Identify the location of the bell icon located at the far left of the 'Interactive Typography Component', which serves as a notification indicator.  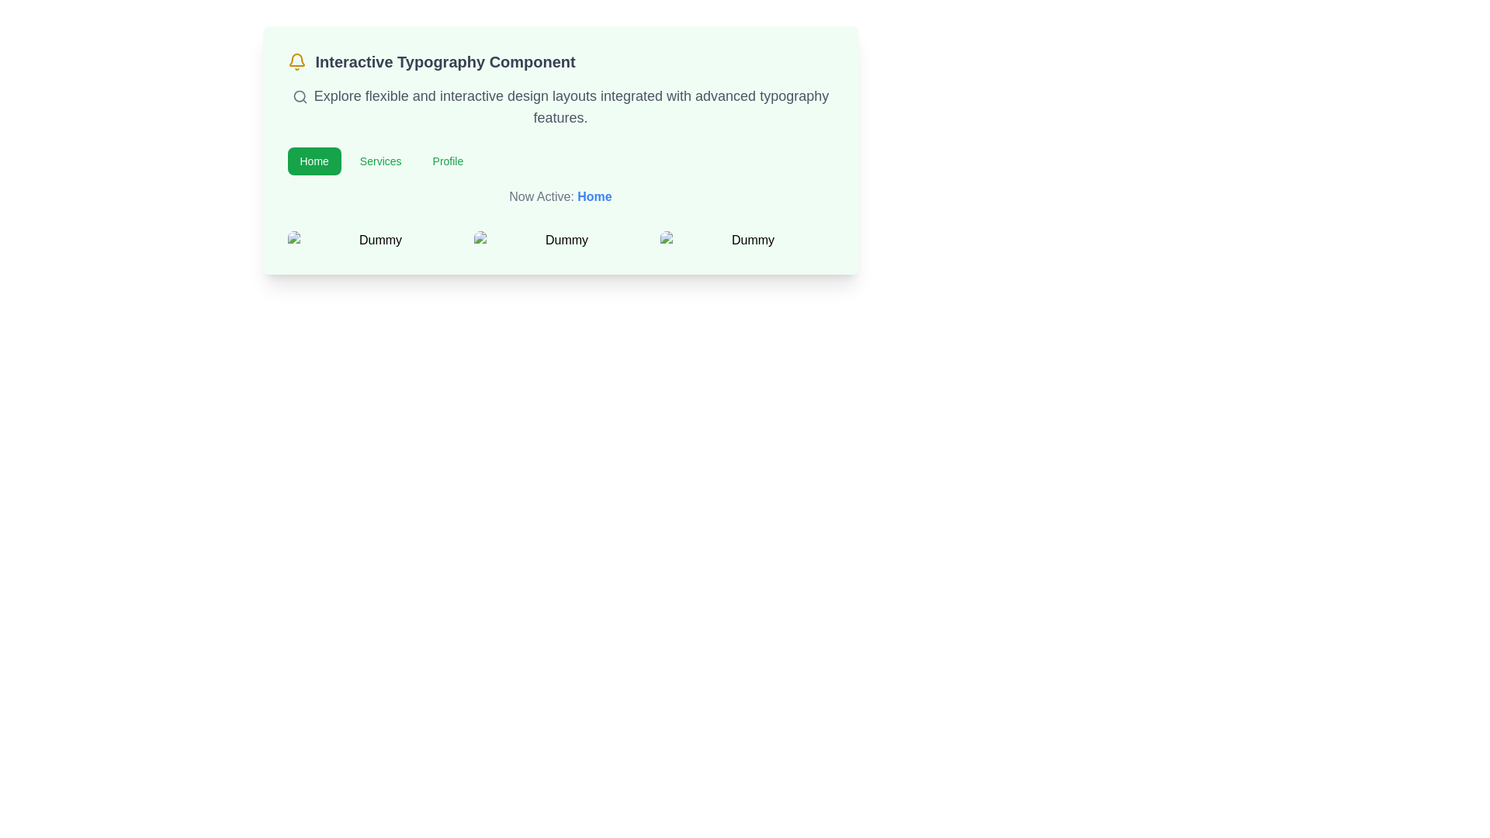
(296, 61).